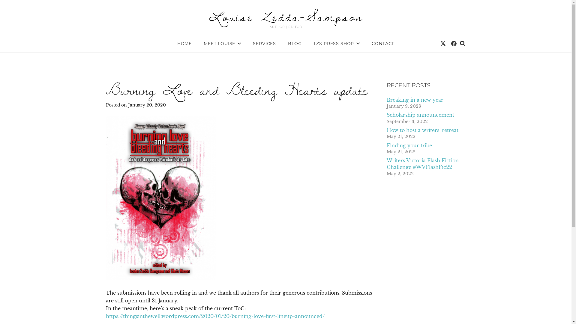 Image resolution: width=576 pixels, height=324 pixels. I want to click on 'Facebook', so click(454, 43).